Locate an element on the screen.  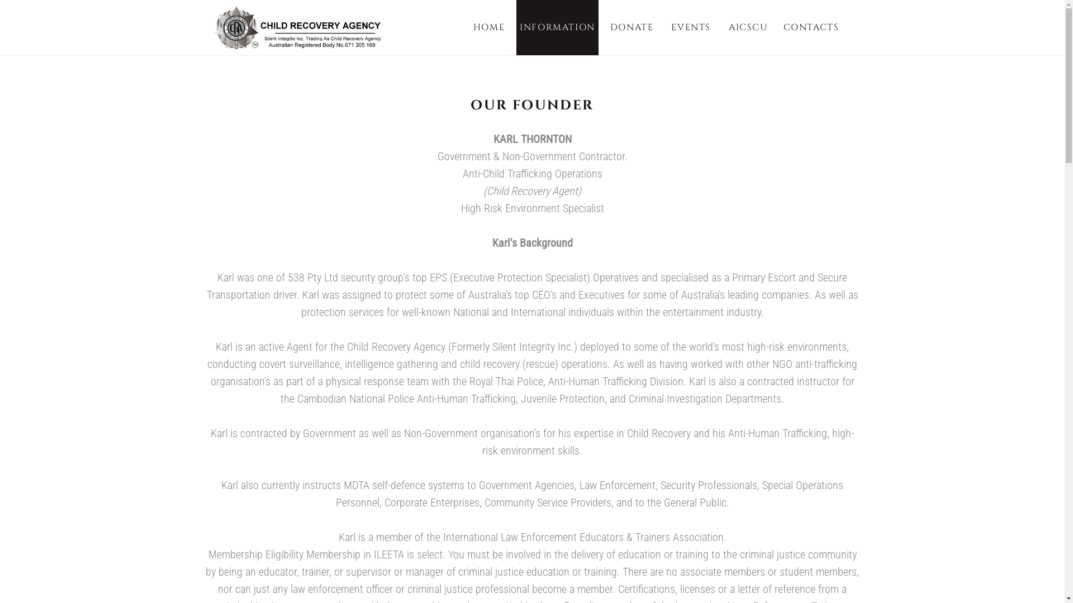
'DONATE' is located at coordinates (632, 27).